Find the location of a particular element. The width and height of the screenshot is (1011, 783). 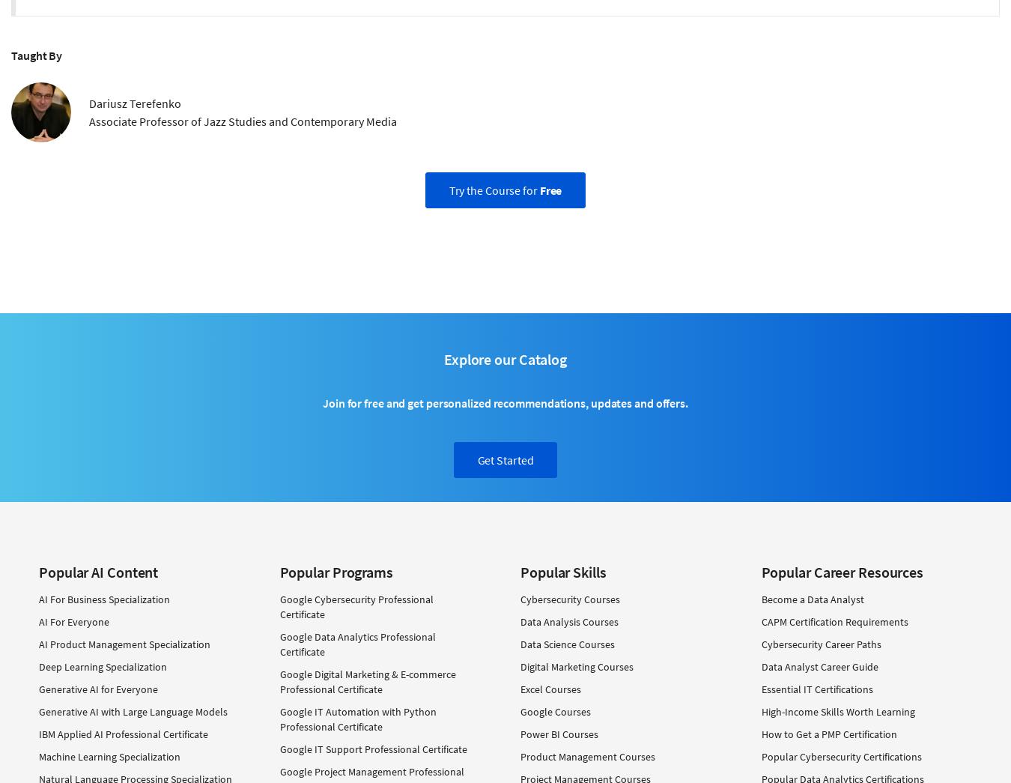

'Popular Career Resources' is located at coordinates (842, 571).